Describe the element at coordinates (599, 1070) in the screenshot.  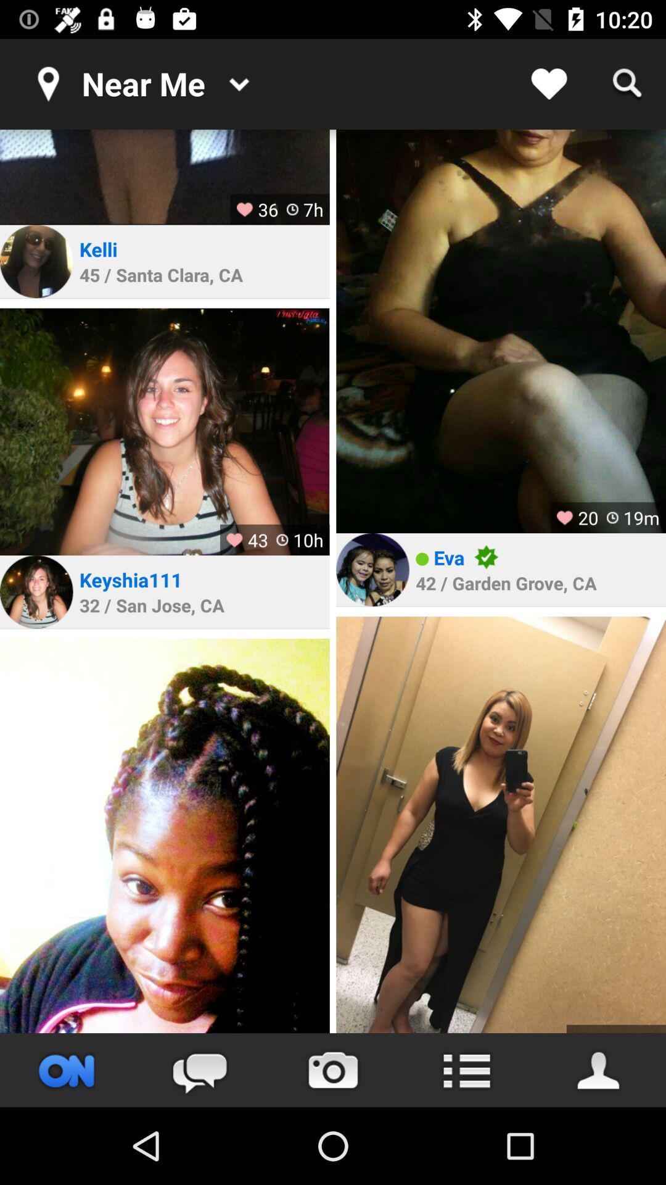
I see `the avatar icon` at that location.